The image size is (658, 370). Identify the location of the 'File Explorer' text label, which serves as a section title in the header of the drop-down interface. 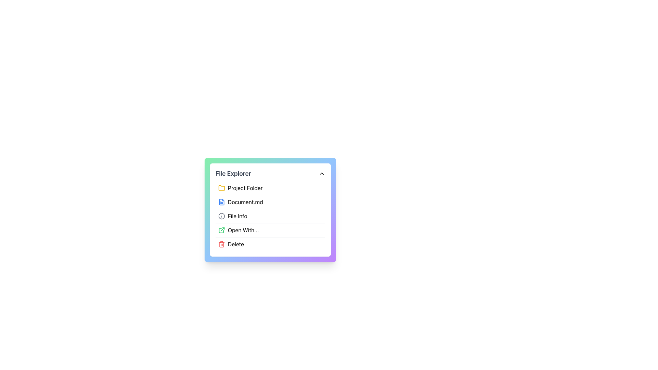
(233, 173).